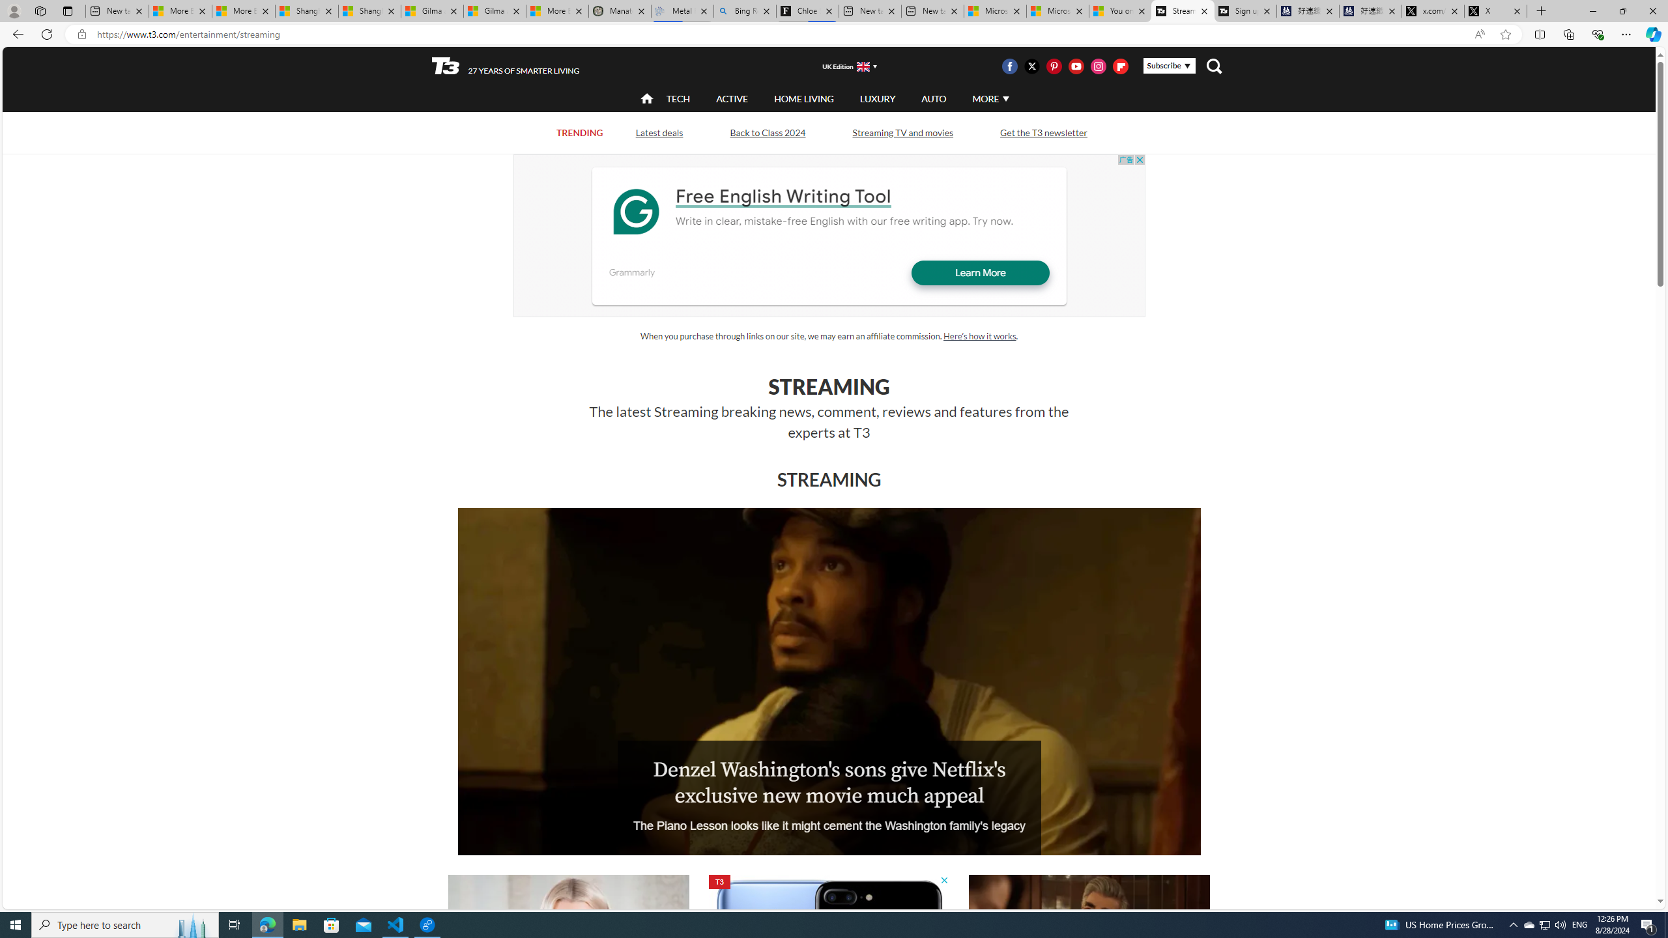 The width and height of the screenshot is (1668, 938). I want to click on 'Latest deals', so click(658, 132).